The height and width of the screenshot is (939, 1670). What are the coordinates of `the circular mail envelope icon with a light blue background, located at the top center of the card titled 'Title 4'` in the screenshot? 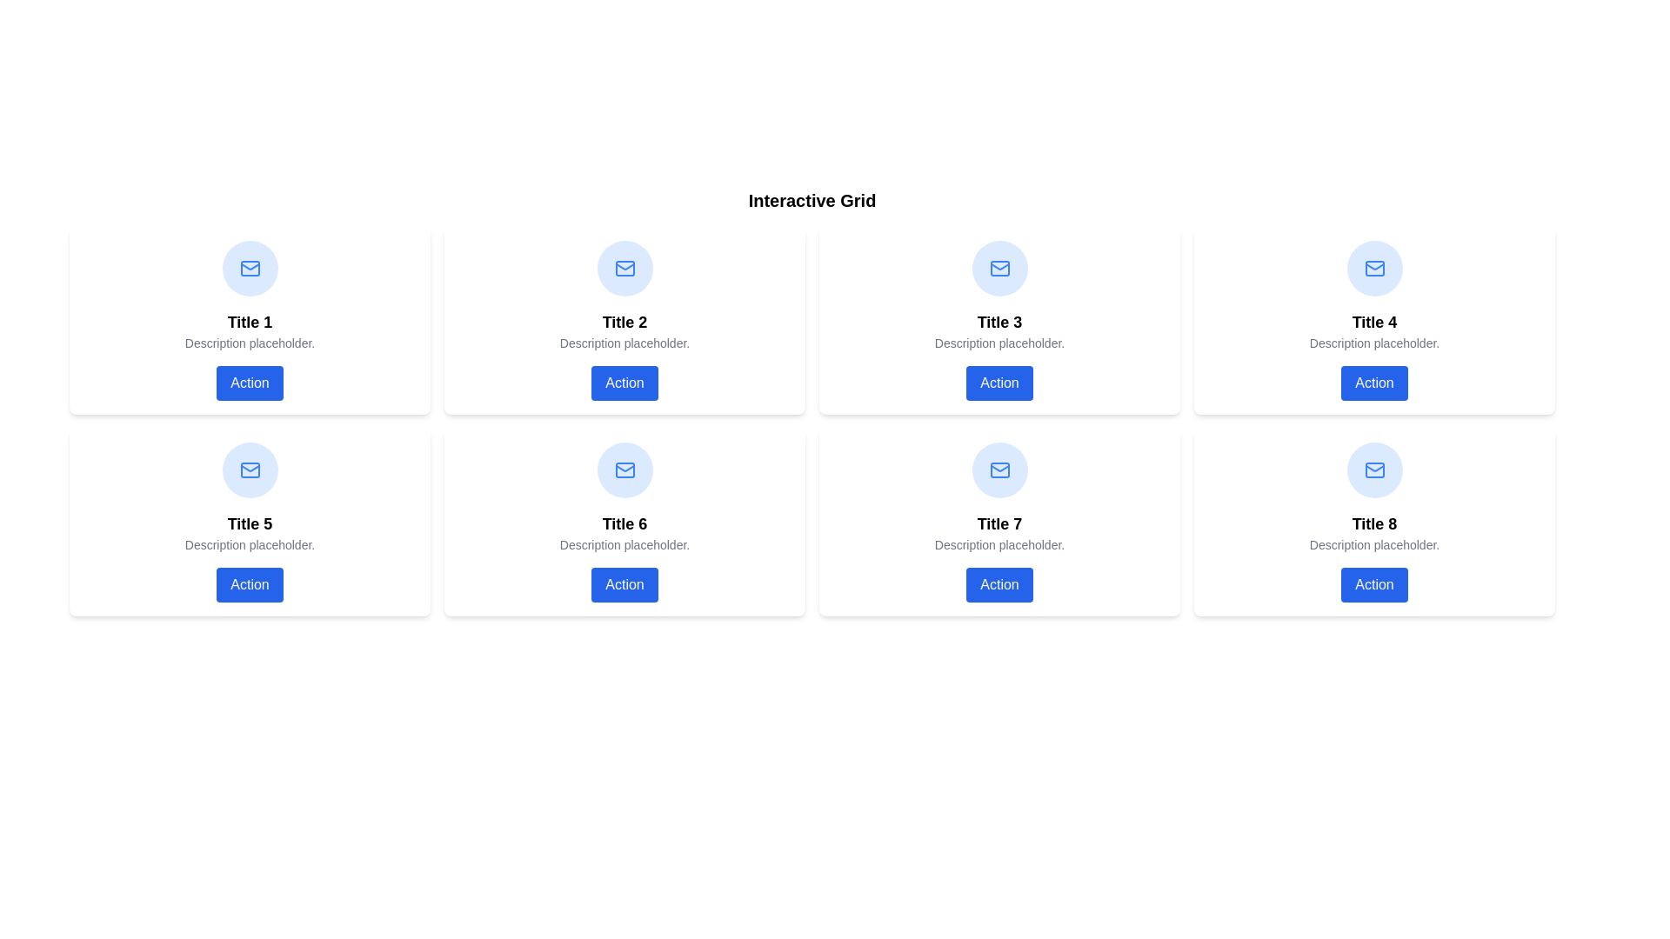 It's located at (1373, 268).